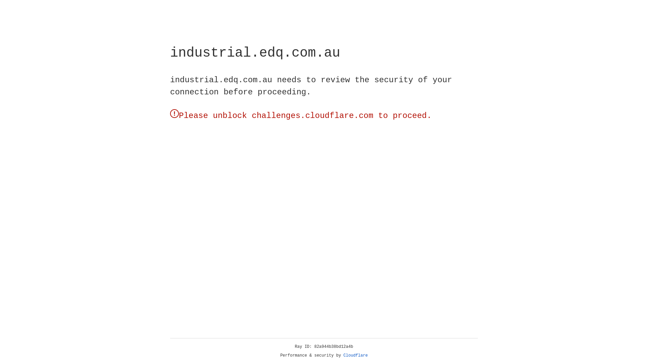  Describe the element at coordinates (343, 355) in the screenshot. I see `'Cloudflare'` at that location.